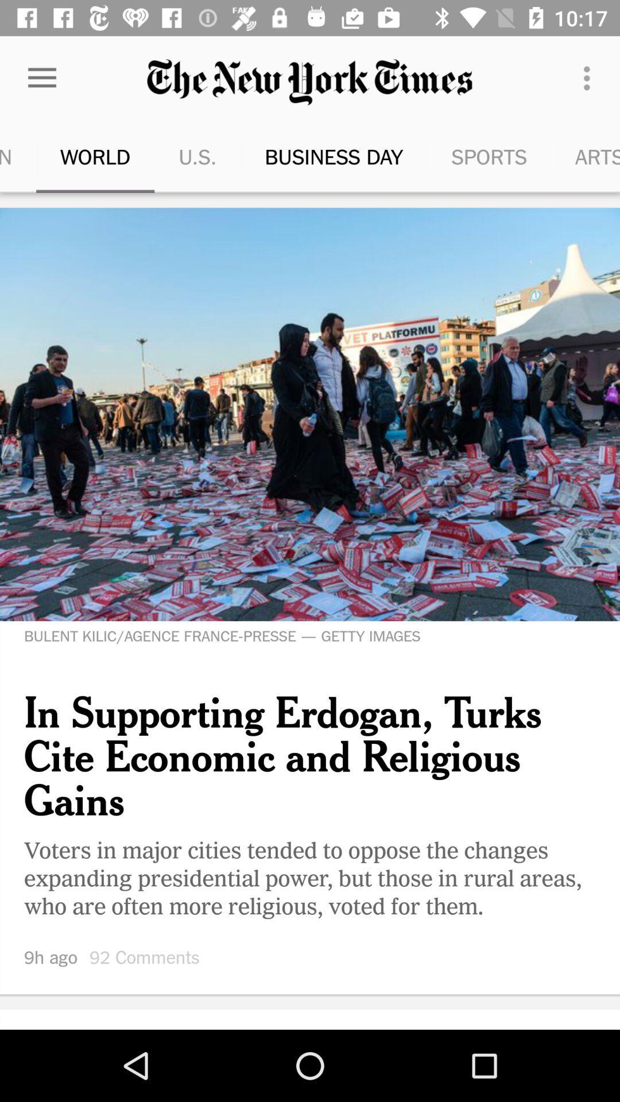  I want to click on the icon to the left of the u.s., so click(41, 77).